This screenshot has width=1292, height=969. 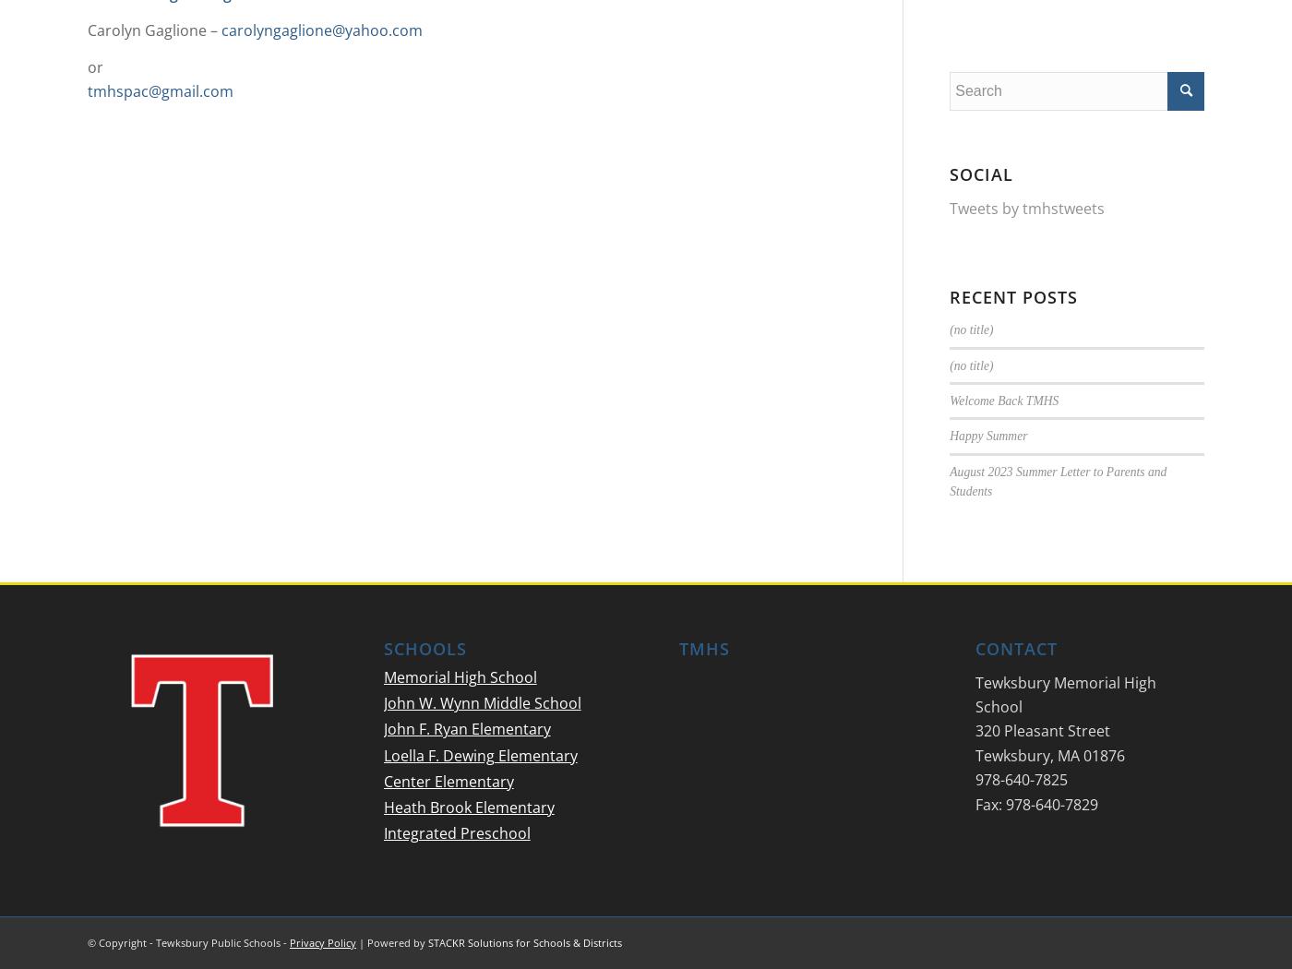 I want to click on 'Recent Posts', so click(x=950, y=295).